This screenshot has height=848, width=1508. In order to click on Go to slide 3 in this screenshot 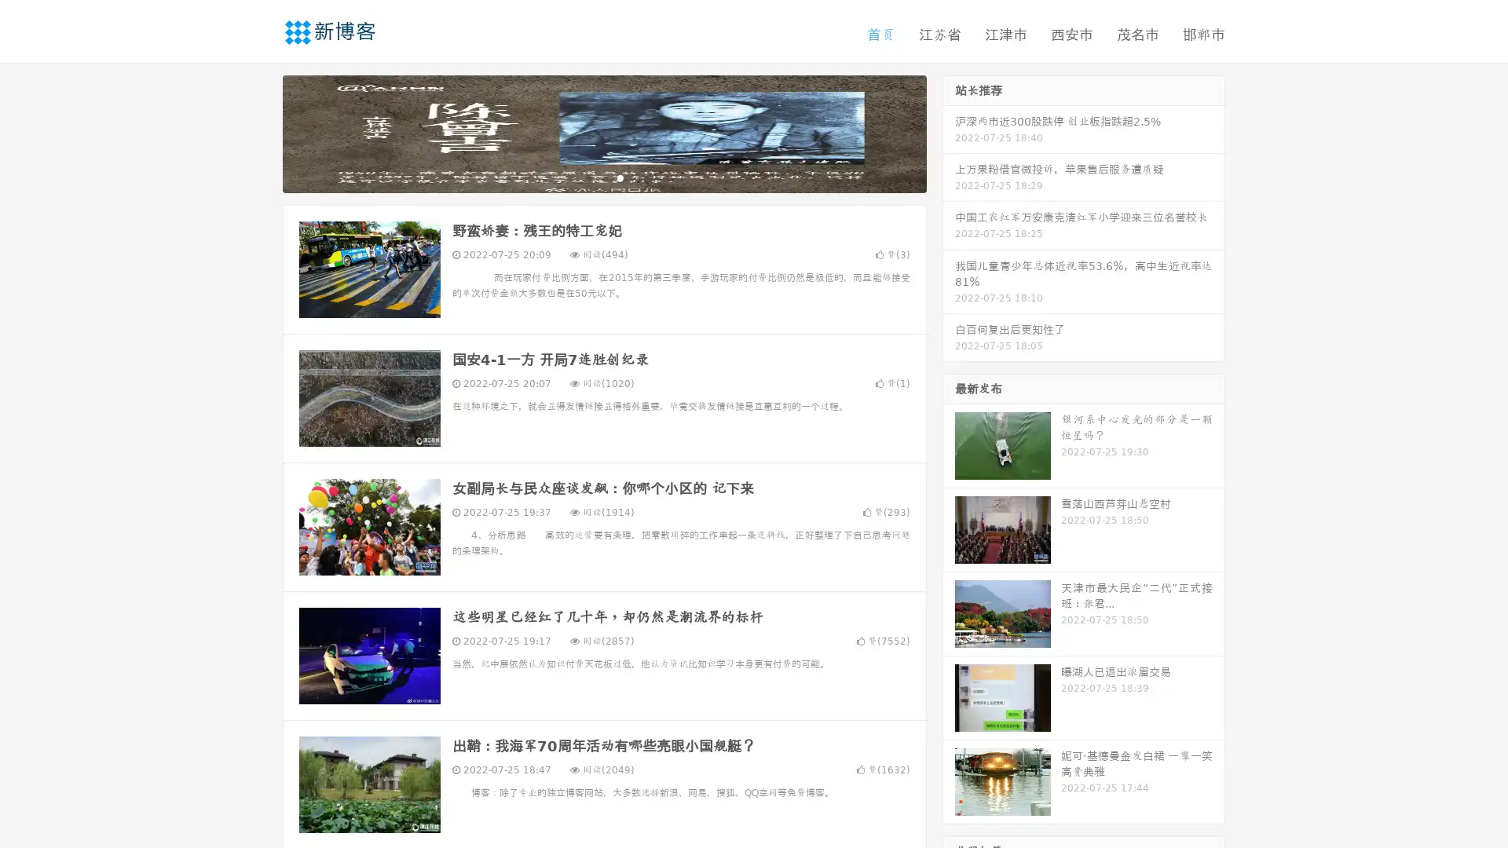, I will do `click(620, 177)`.